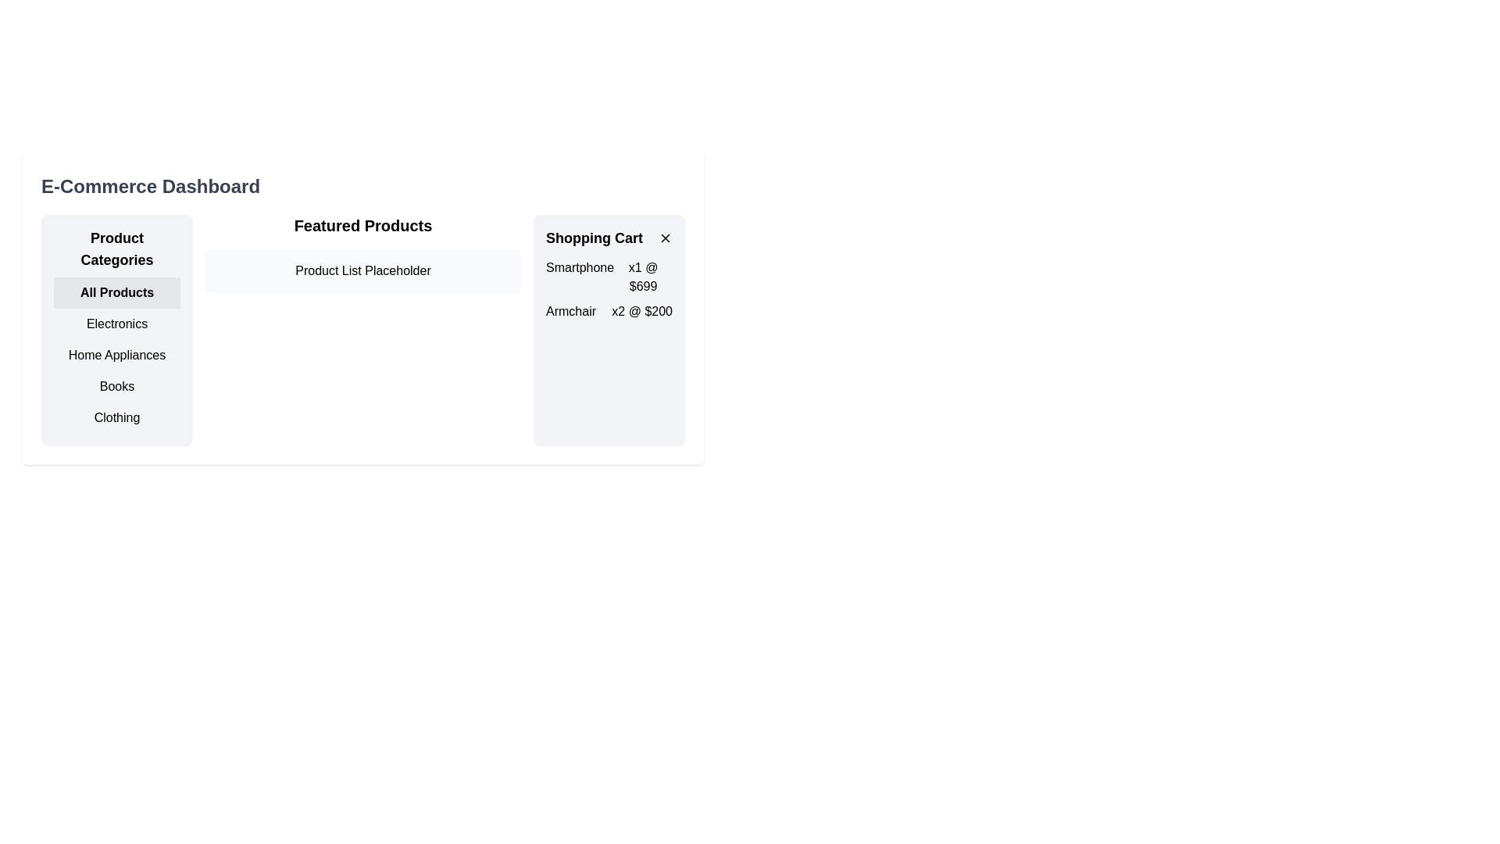  I want to click on the first item in the vertical list of categories under 'Product Categories', so click(116, 292).